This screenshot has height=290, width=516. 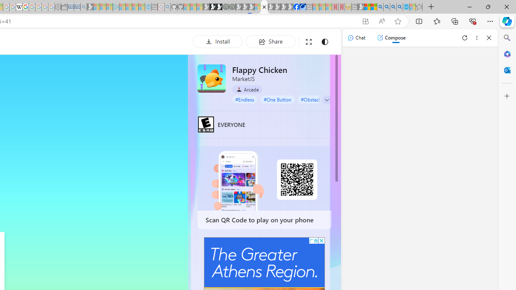 What do you see at coordinates (321, 240) in the screenshot?
I see `'AutomationID: cbb'` at bounding box center [321, 240].